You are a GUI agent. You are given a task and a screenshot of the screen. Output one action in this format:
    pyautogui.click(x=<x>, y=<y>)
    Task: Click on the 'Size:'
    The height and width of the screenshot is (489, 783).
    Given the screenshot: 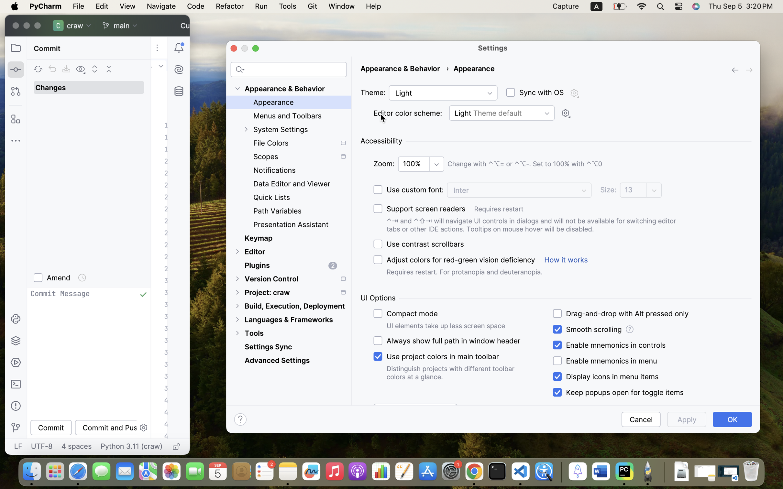 What is the action you would take?
    pyautogui.click(x=609, y=190)
    